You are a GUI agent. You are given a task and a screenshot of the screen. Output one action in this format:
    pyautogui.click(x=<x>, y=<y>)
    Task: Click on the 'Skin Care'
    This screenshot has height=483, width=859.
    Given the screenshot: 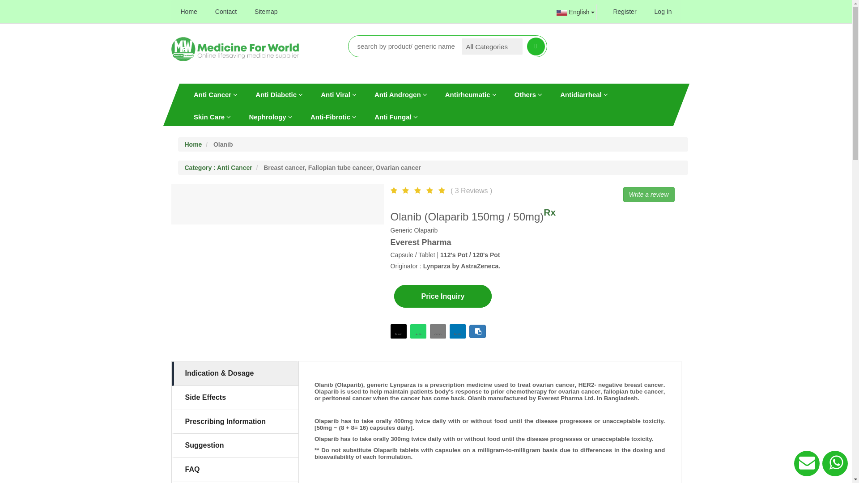 What is the action you would take?
    pyautogui.click(x=211, y=116)
    